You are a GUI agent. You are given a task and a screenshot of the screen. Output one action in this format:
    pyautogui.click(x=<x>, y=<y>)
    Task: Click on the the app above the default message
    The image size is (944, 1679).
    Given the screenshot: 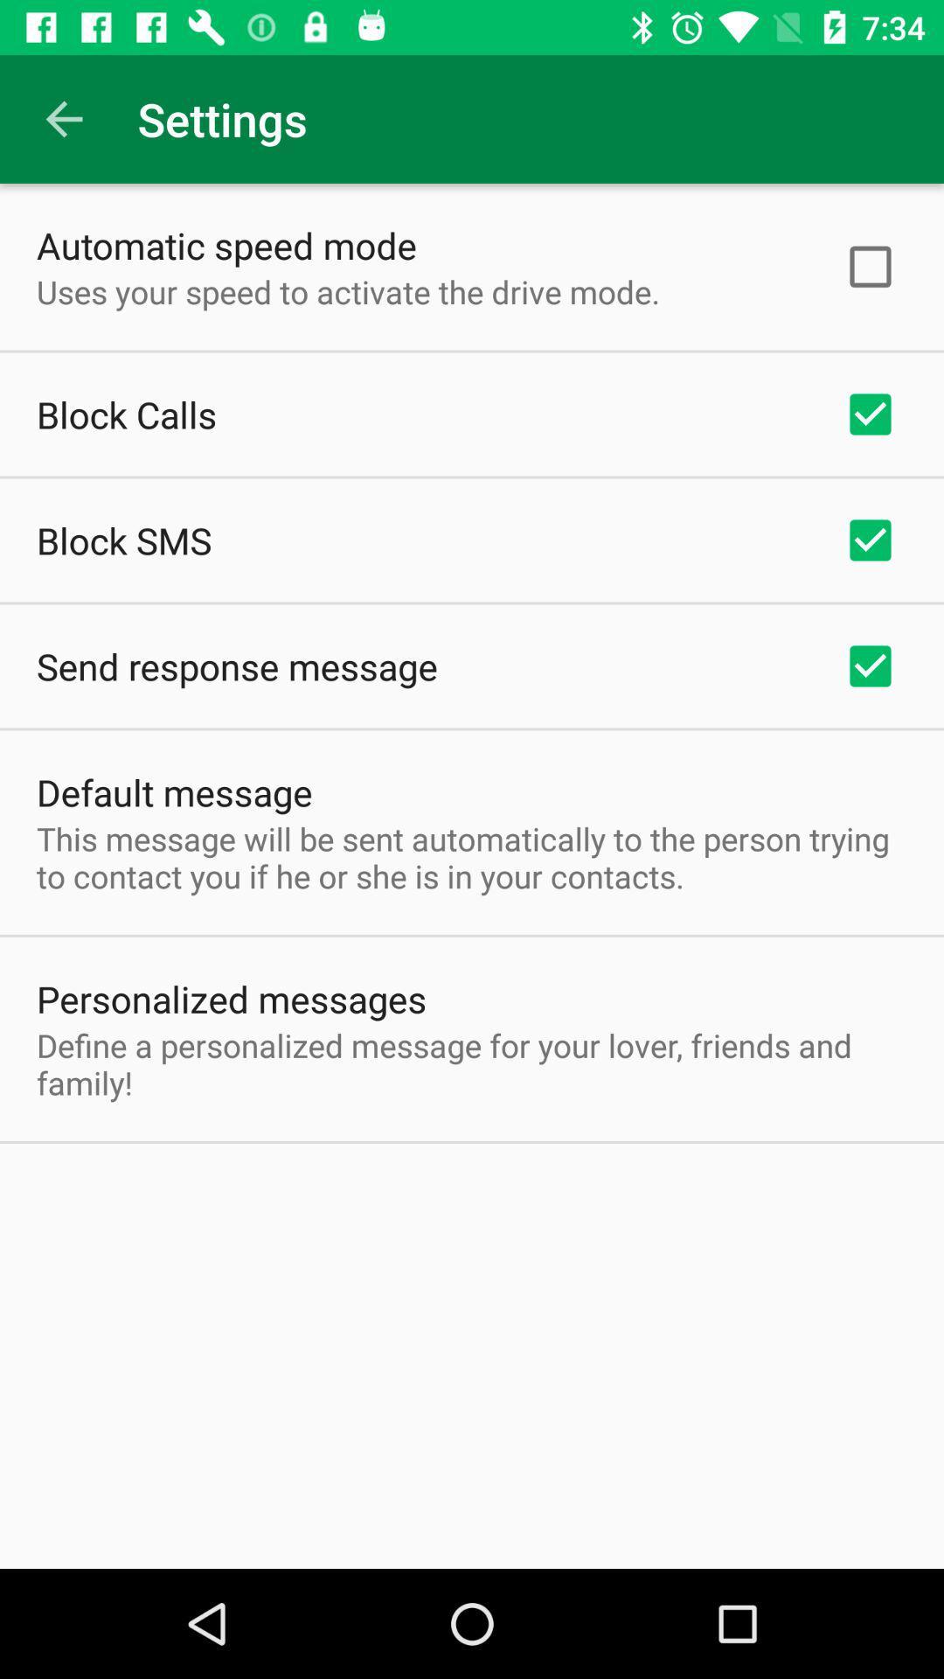 What is the action you would take?
    pyautogui.click(x=237, y=665)
    